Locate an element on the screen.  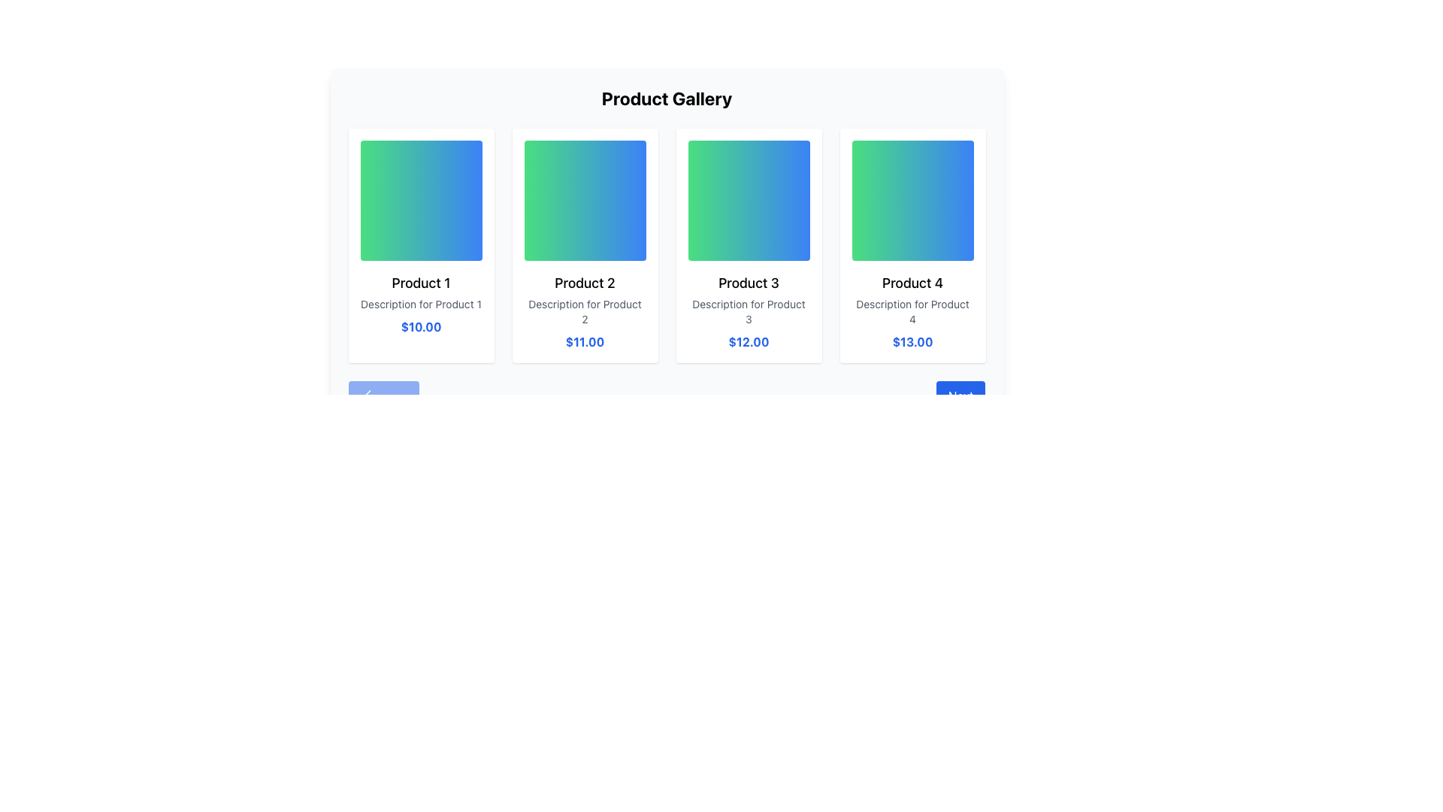
the price display text located at the bottom of the last product card in the horizontally aligned gallery for potential interaction is located at coordinates (912, 342).